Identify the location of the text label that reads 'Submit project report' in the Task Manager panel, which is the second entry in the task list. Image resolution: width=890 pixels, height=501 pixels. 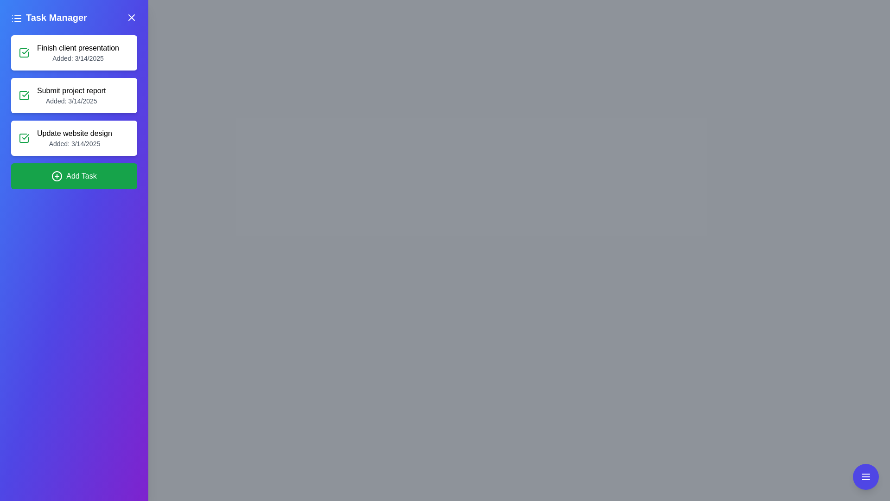
(71, 95).